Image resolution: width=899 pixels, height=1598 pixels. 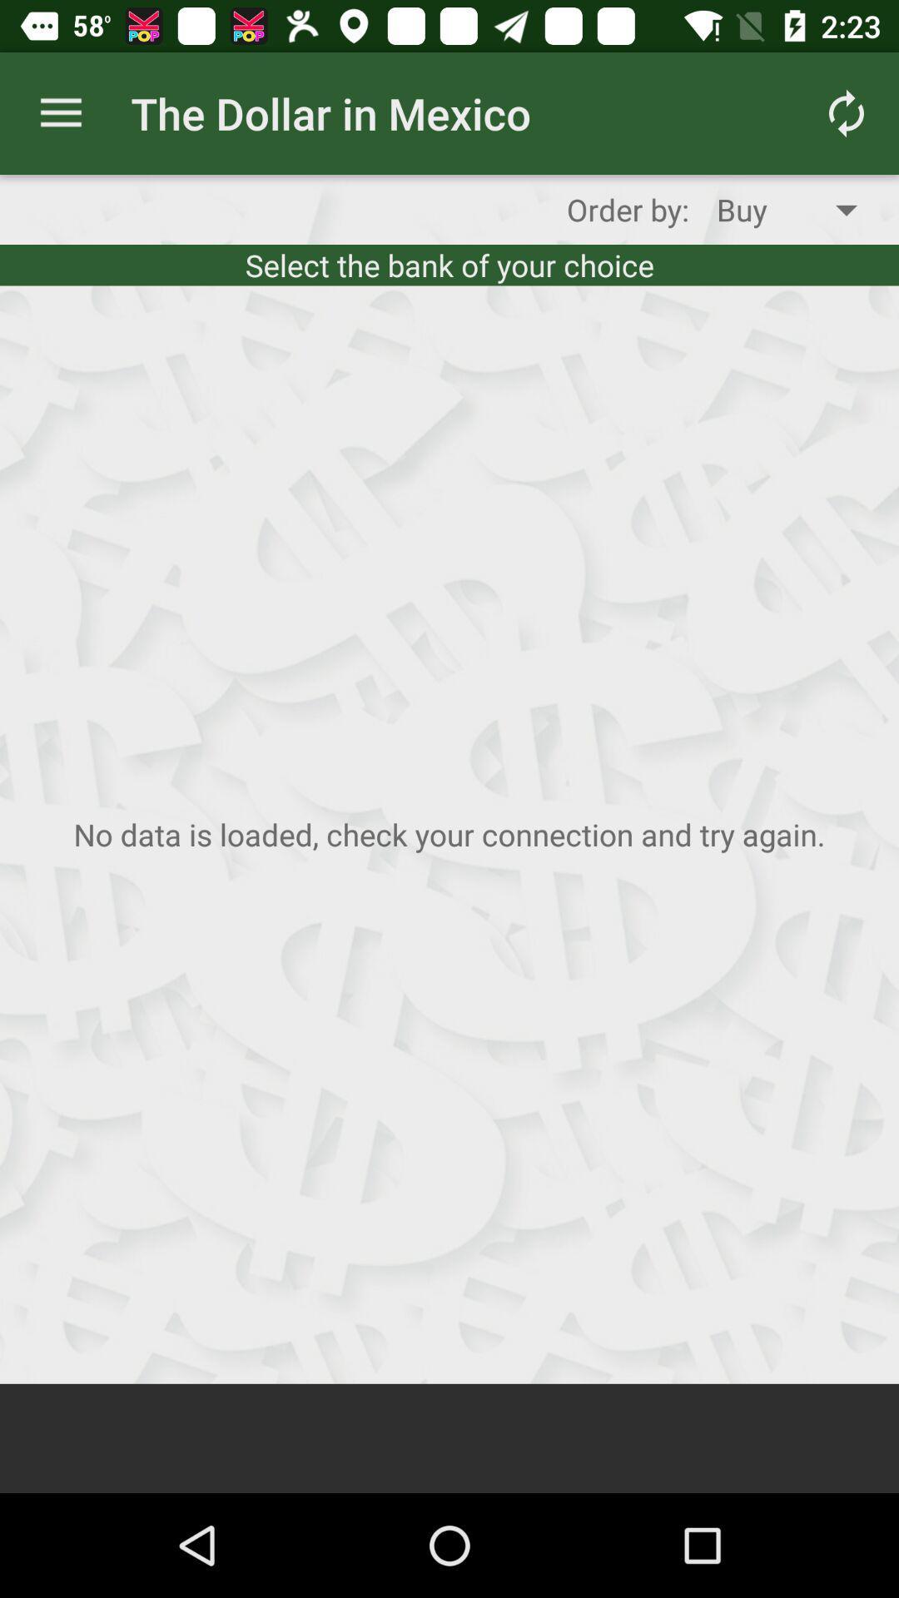 What do you see at coordinates (449, 835) in the screenshot?
I see `the image` at bounding box center [449, 835].